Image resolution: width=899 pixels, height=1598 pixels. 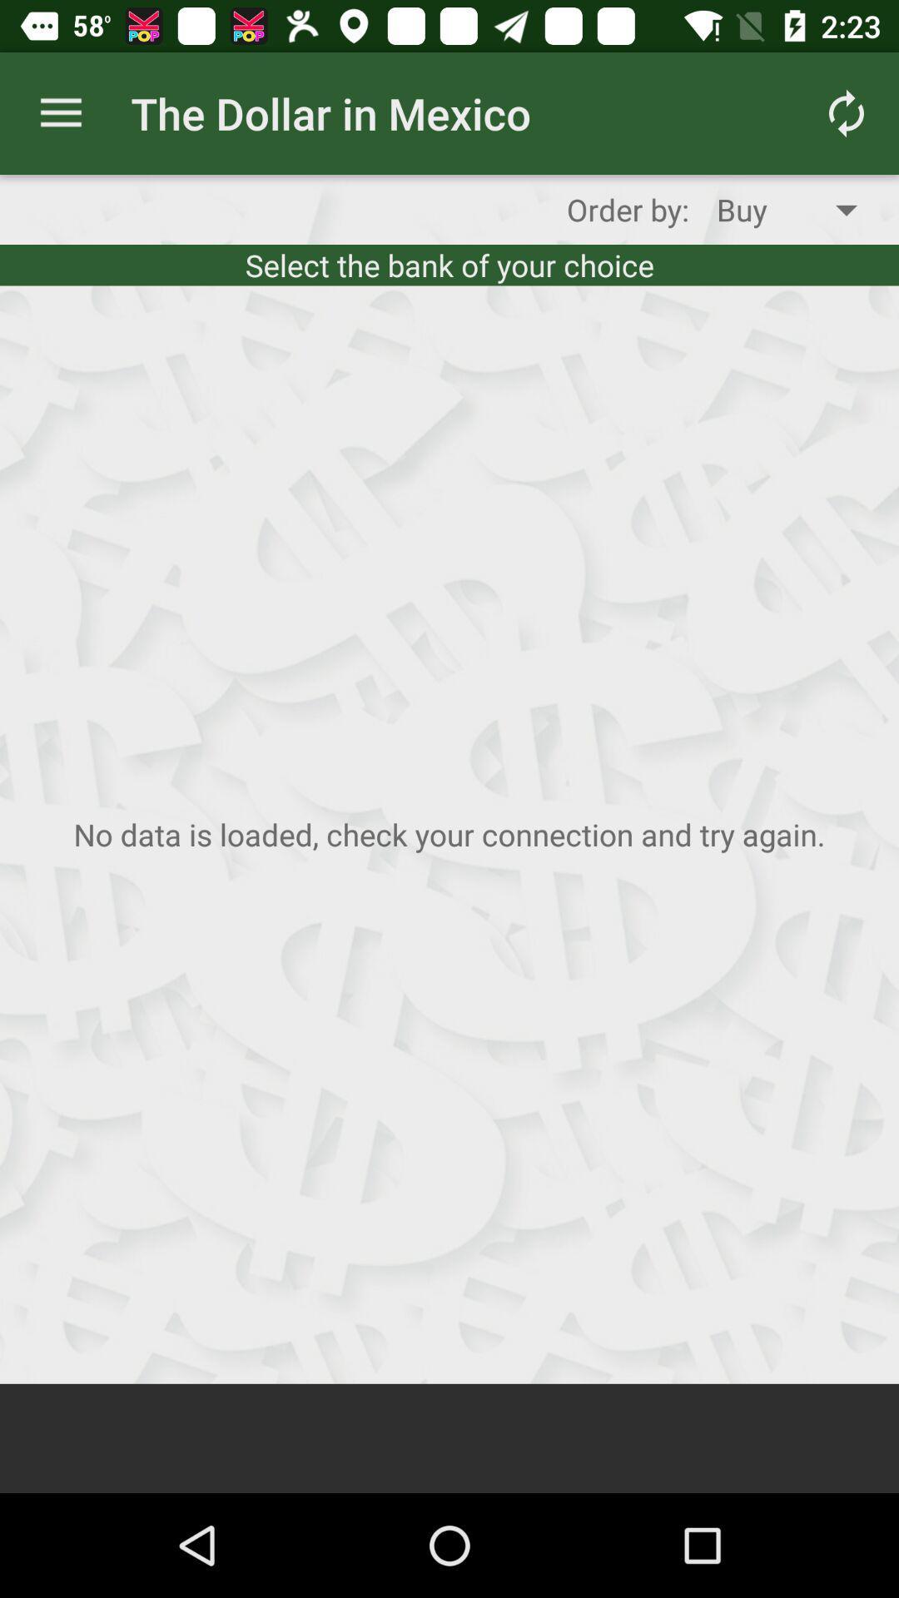 What do you see at coordinates (449, 835) in the screenshot?
I see `the image` at bounding box center [449, 835].